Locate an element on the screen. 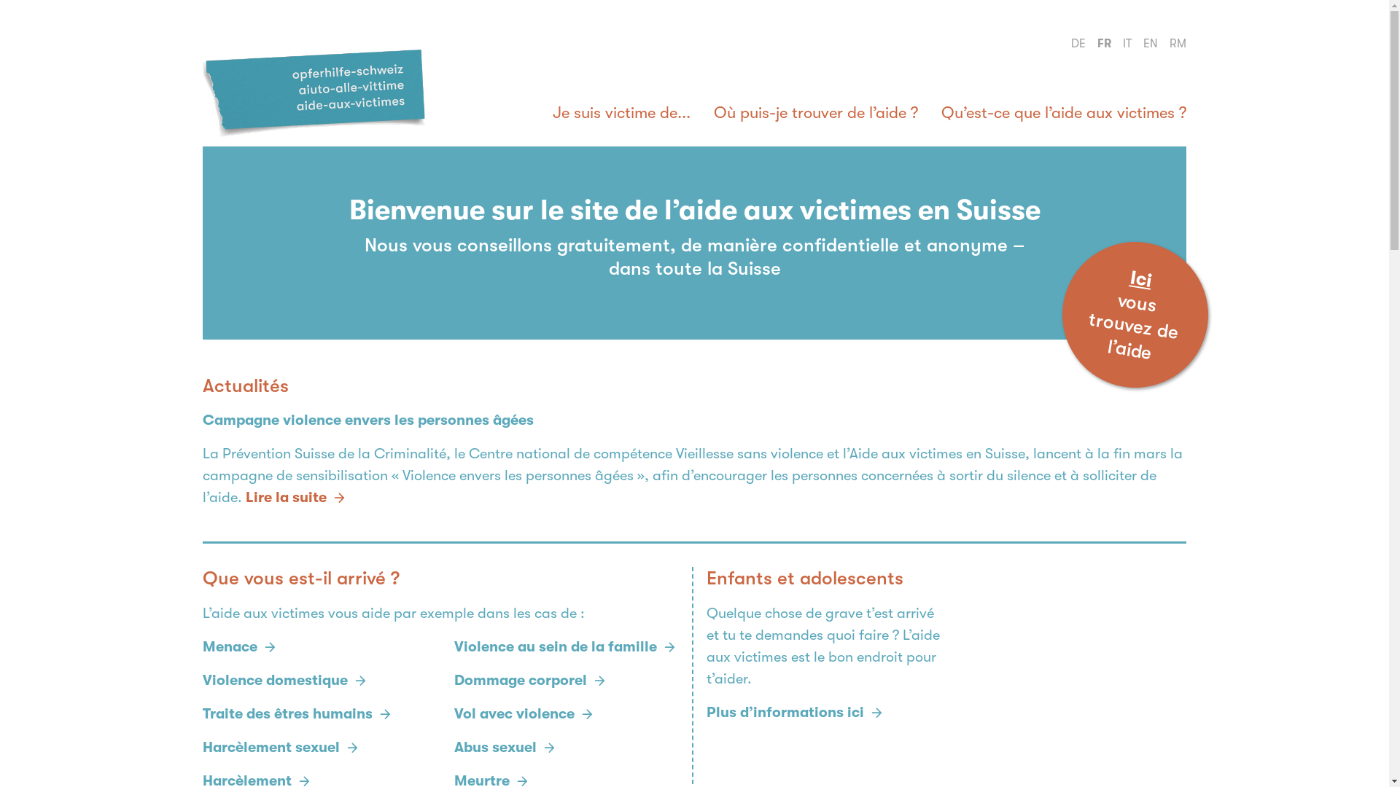 This screenshot has height=787, width=1400. 'Menace' is located at coordinates (229, 646).